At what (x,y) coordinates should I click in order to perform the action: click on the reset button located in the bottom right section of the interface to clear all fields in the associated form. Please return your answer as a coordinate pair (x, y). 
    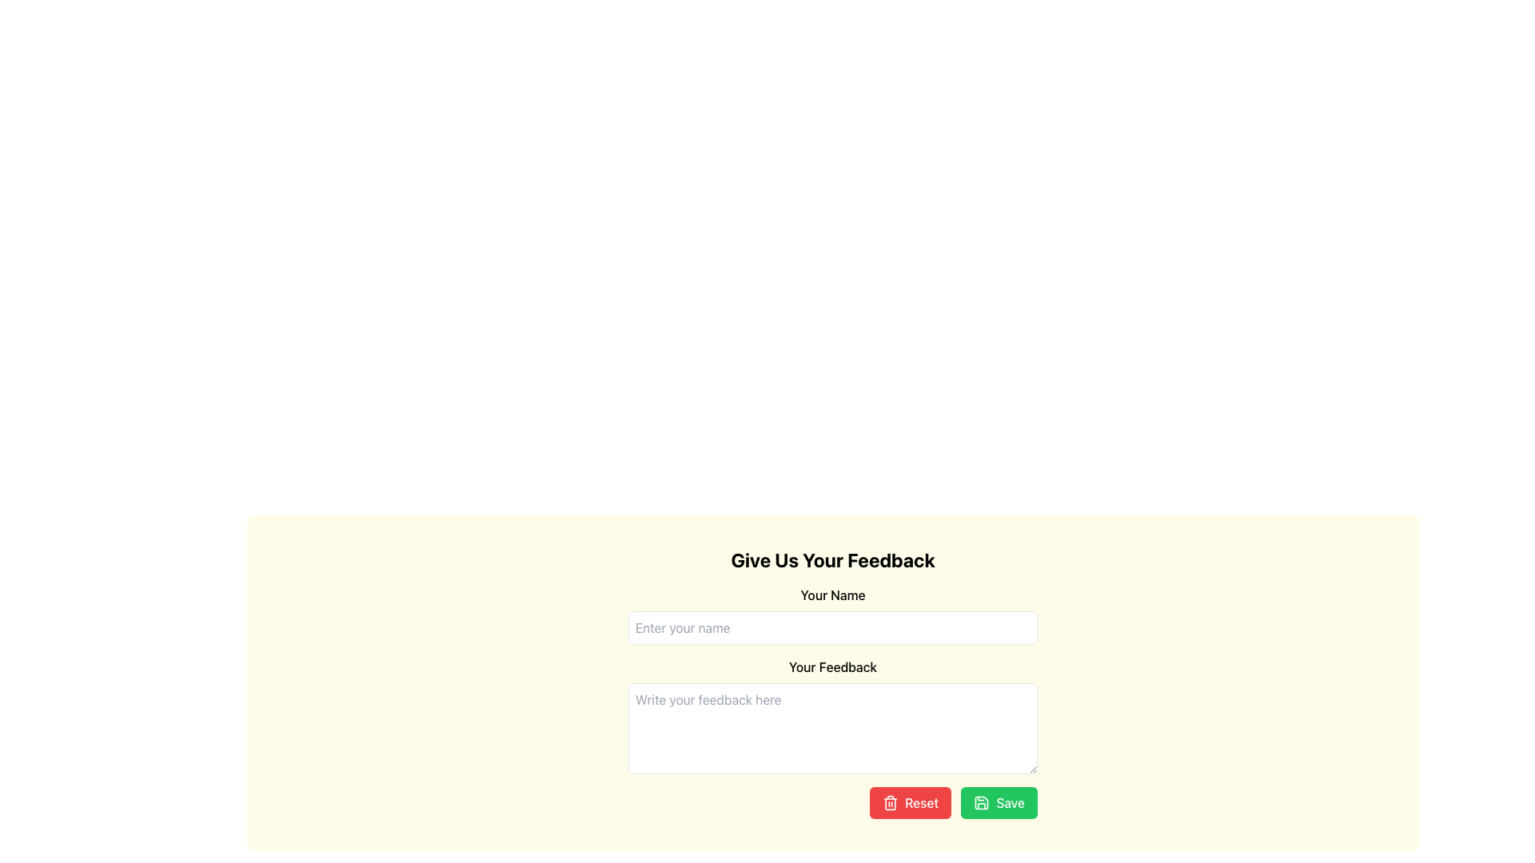
    Looking at the image, I should click on (911, 803).